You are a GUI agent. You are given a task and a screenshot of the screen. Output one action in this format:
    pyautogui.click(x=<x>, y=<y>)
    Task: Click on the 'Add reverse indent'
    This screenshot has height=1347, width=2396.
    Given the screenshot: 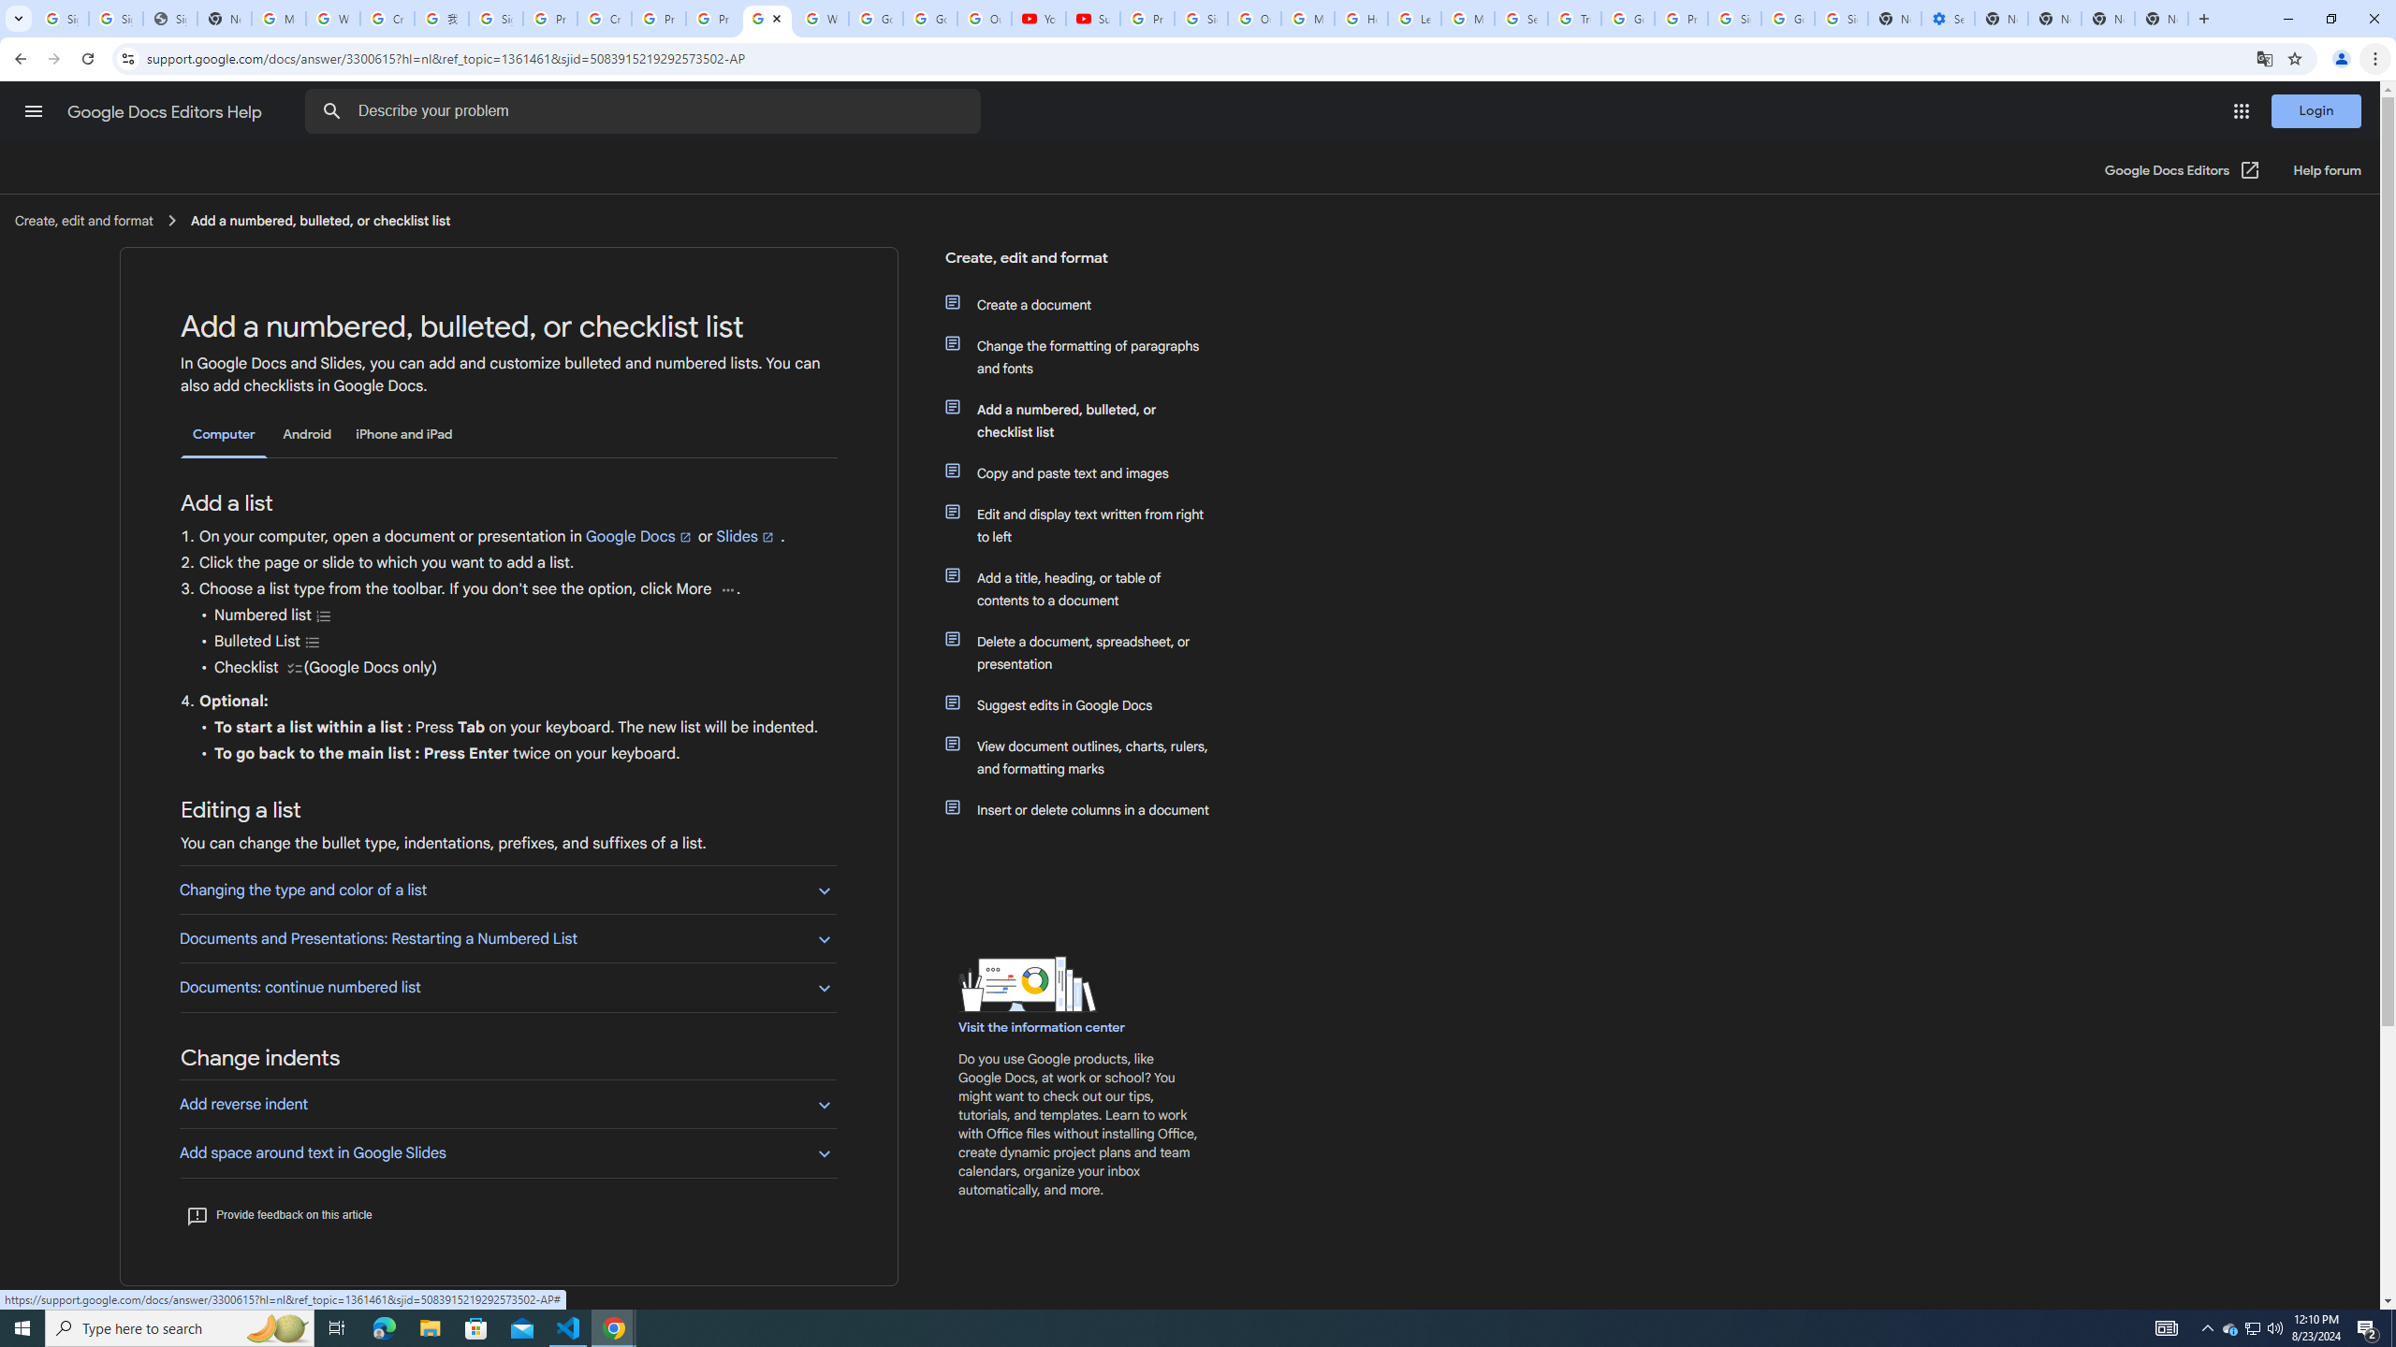 What is the action you would take?
    pyautogui.click(x=507, y=1103)
    